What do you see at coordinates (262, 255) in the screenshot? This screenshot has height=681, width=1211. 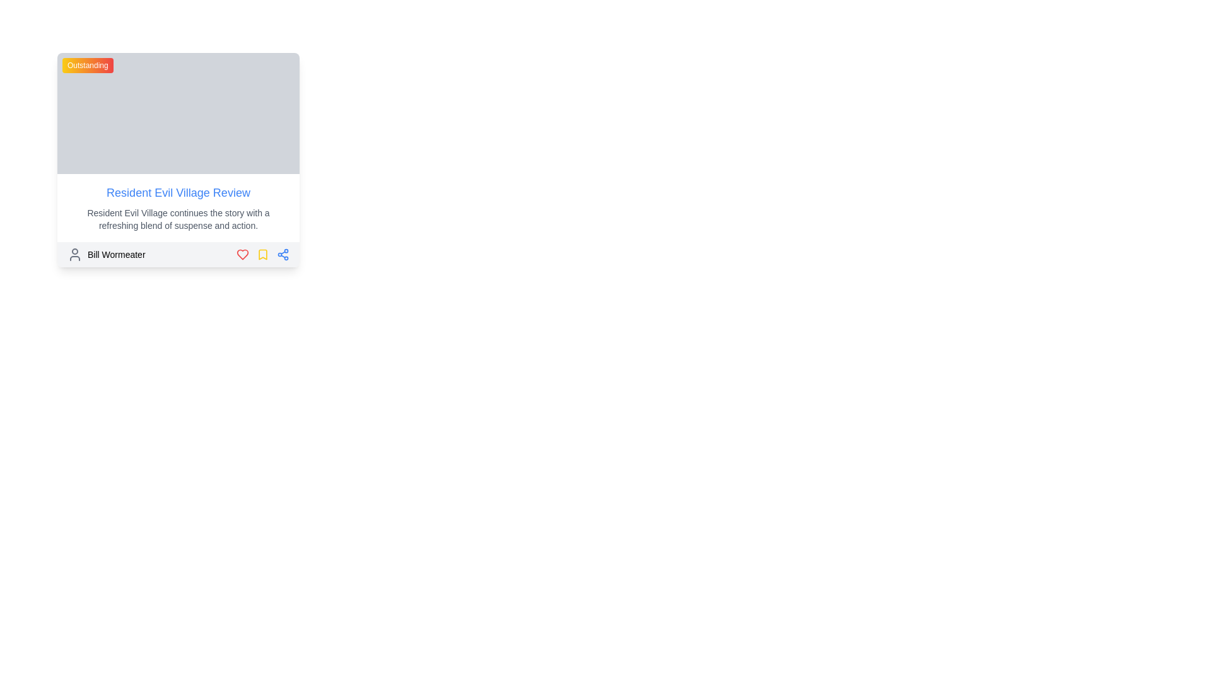 I see `the yellow bookmark icon, which is the second interactive item from the right in a horizontal group of icons below the main text content of the card` at bounding box center [262, 255].